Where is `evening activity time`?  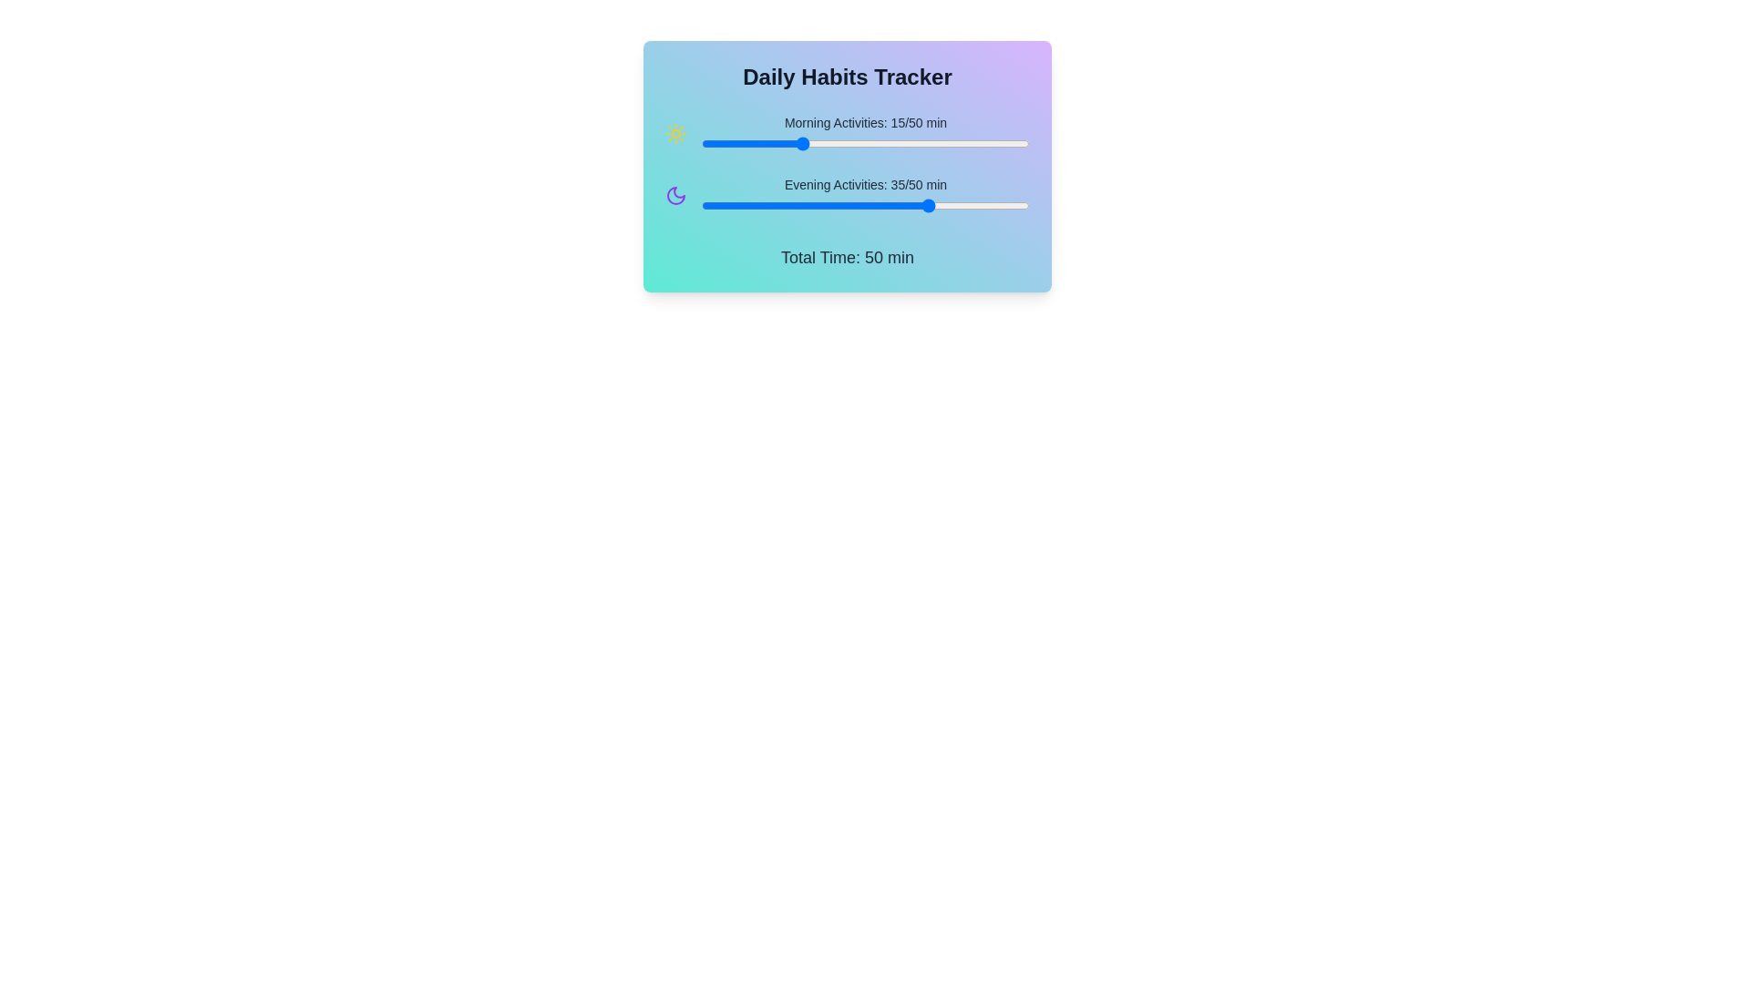 evening activity time is located at coordinates (865, 205).